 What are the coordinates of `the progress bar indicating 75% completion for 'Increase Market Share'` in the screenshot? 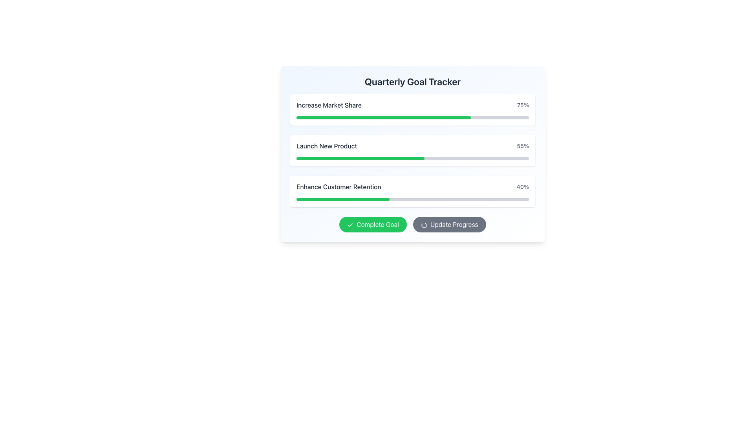 It's located at (412, 118).